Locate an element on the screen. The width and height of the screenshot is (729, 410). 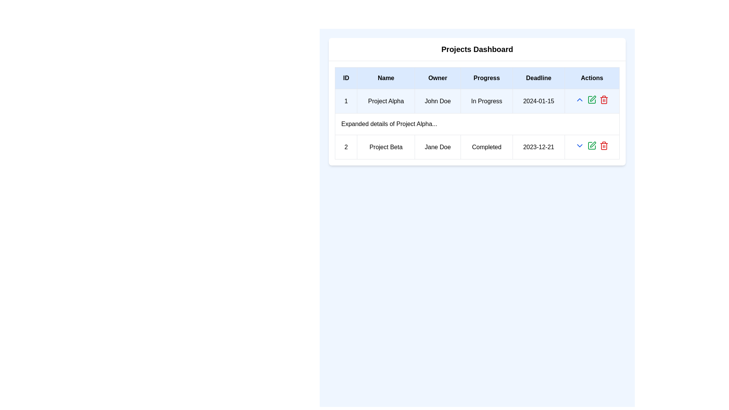
the interactive cells of the project data table displayed below the 'Projects Dashboard' title is located at coordinates (477, 113).